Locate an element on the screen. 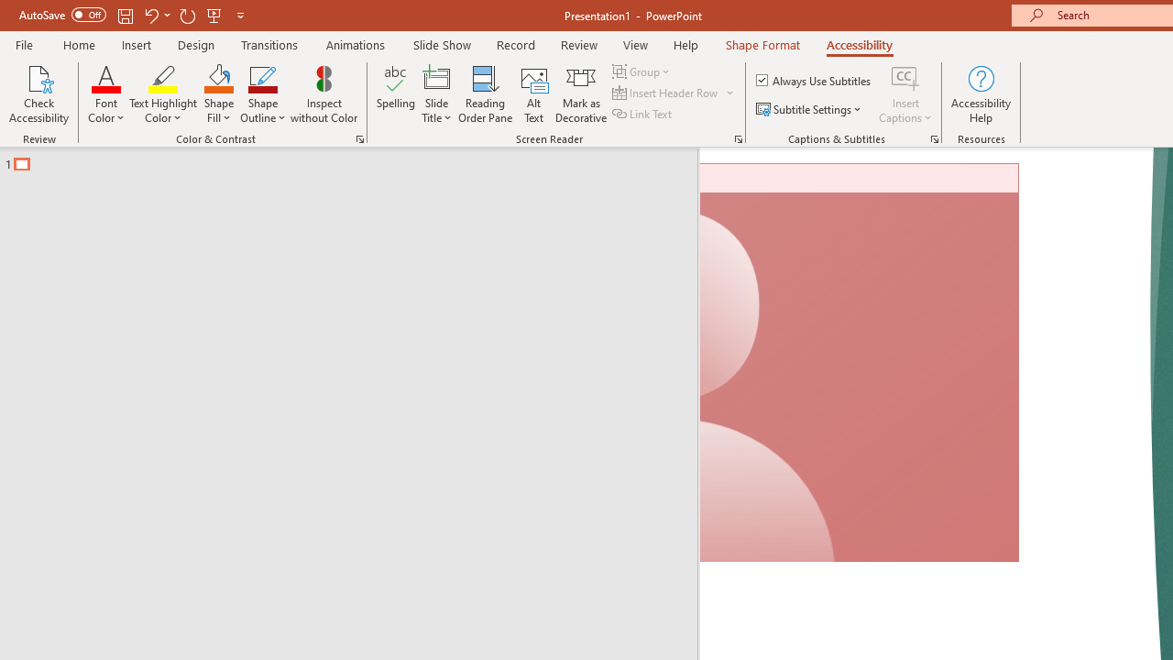  'Font Color Red' is located at coordinates (105, 77).